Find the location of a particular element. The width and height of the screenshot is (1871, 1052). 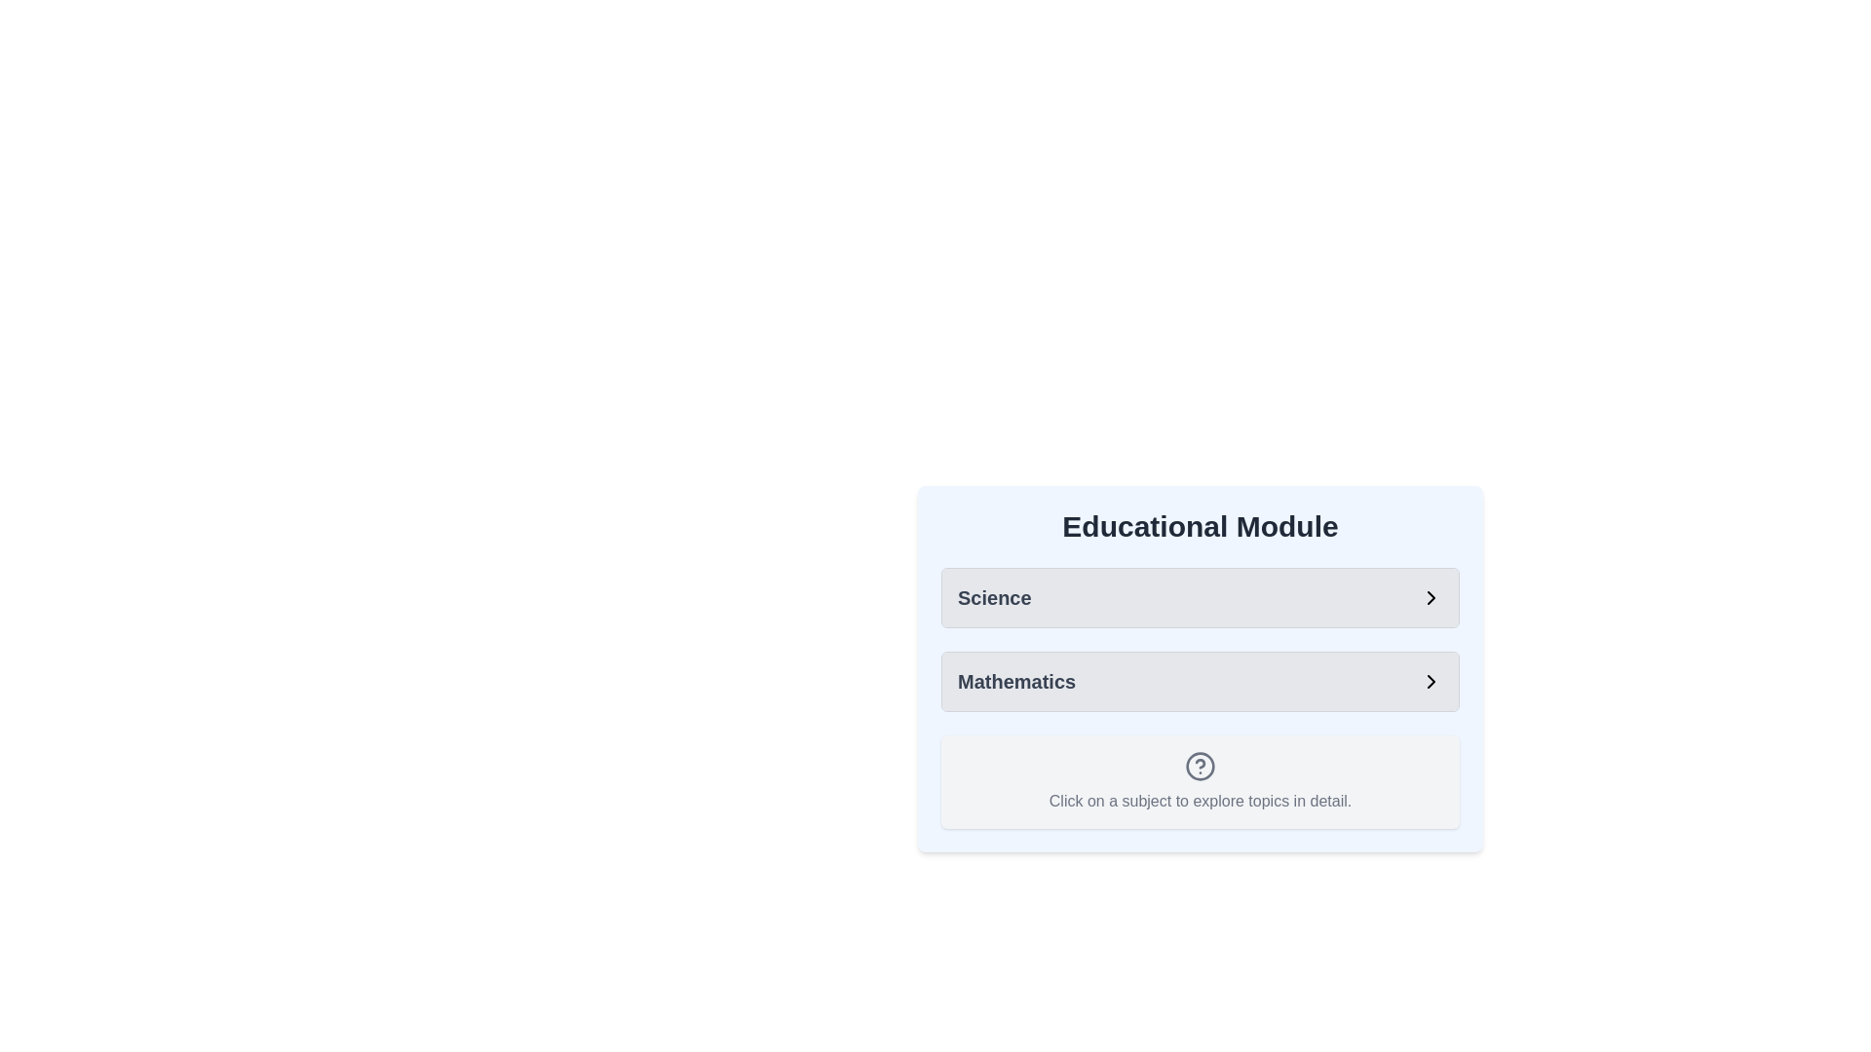

the arrow icon located to the far right of the 'Science' section is located at coordinates (1431, 596).